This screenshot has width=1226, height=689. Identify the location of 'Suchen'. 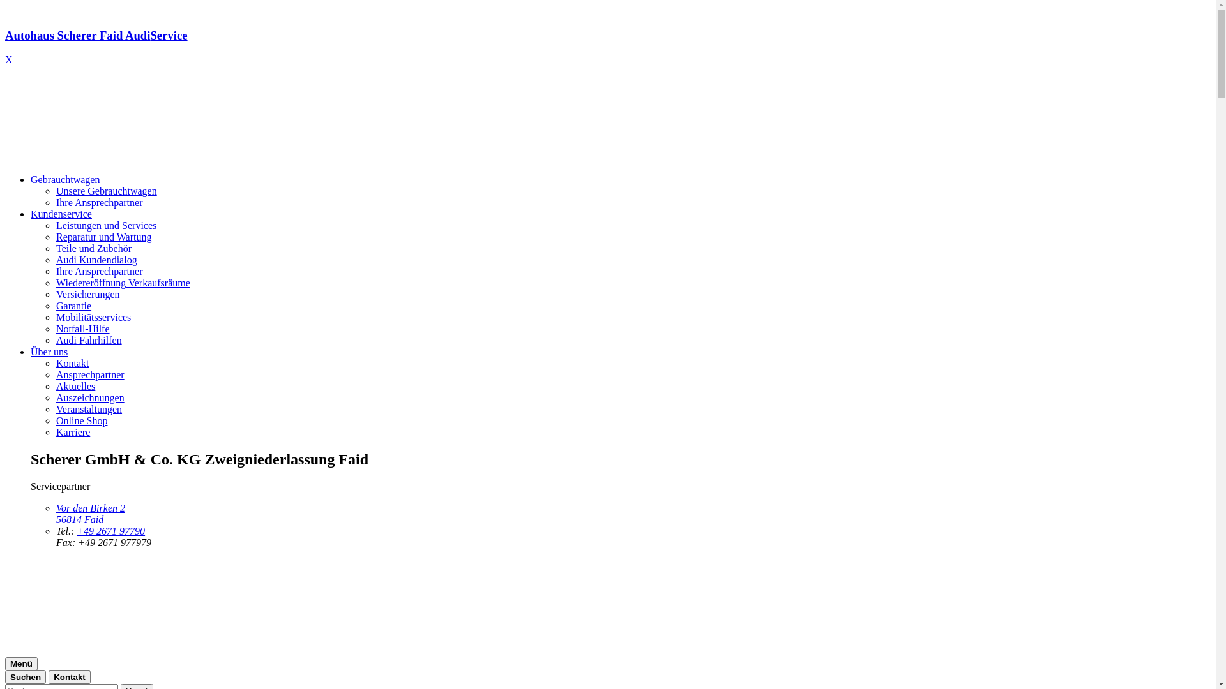
(25, 676).